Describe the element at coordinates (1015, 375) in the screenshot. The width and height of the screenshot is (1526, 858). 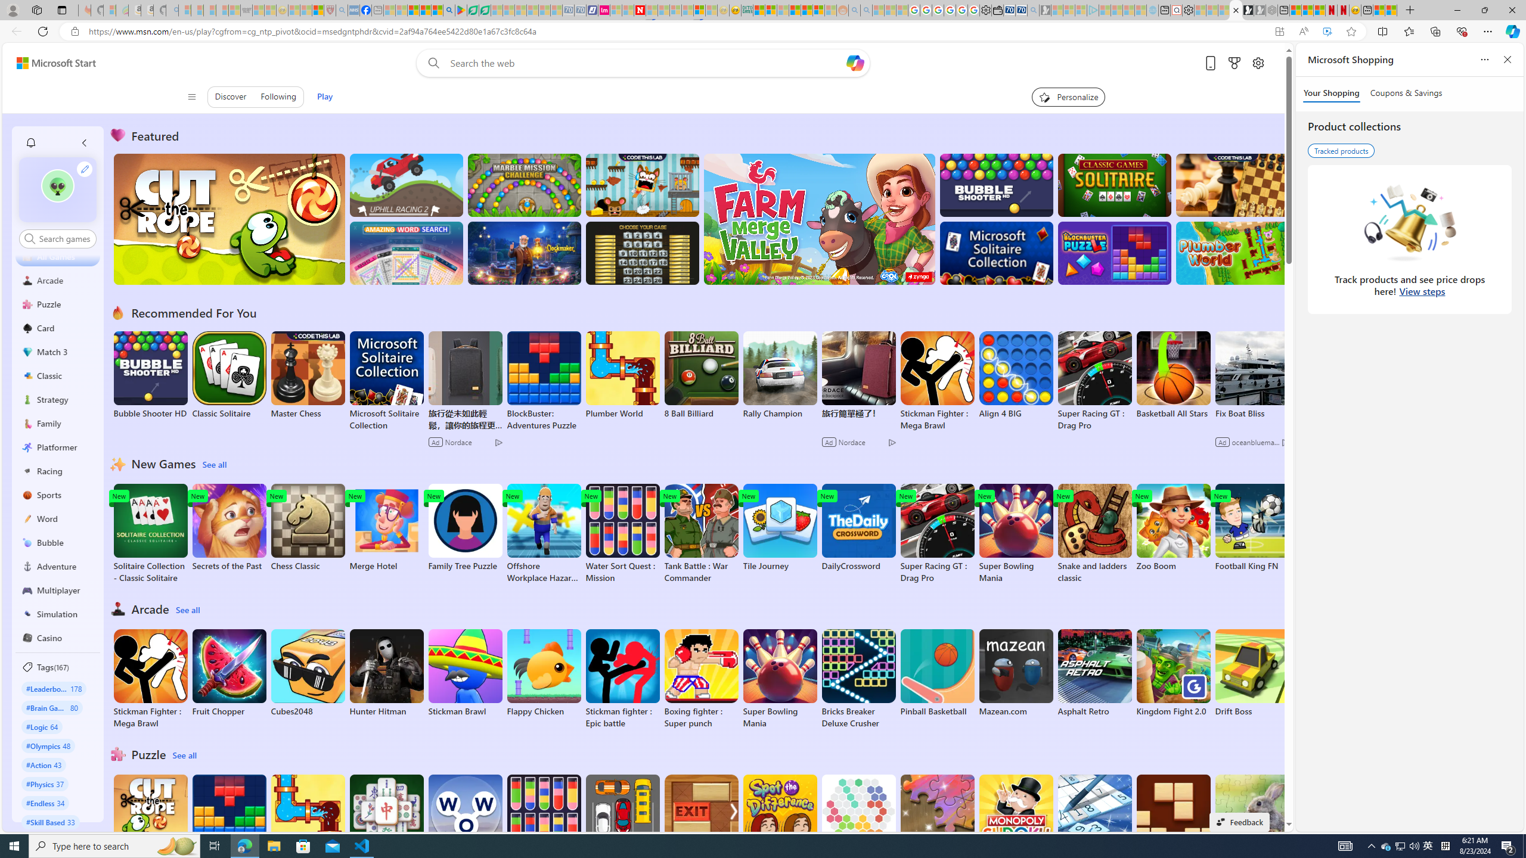
I see `'Align 4 BIG'` at that location.